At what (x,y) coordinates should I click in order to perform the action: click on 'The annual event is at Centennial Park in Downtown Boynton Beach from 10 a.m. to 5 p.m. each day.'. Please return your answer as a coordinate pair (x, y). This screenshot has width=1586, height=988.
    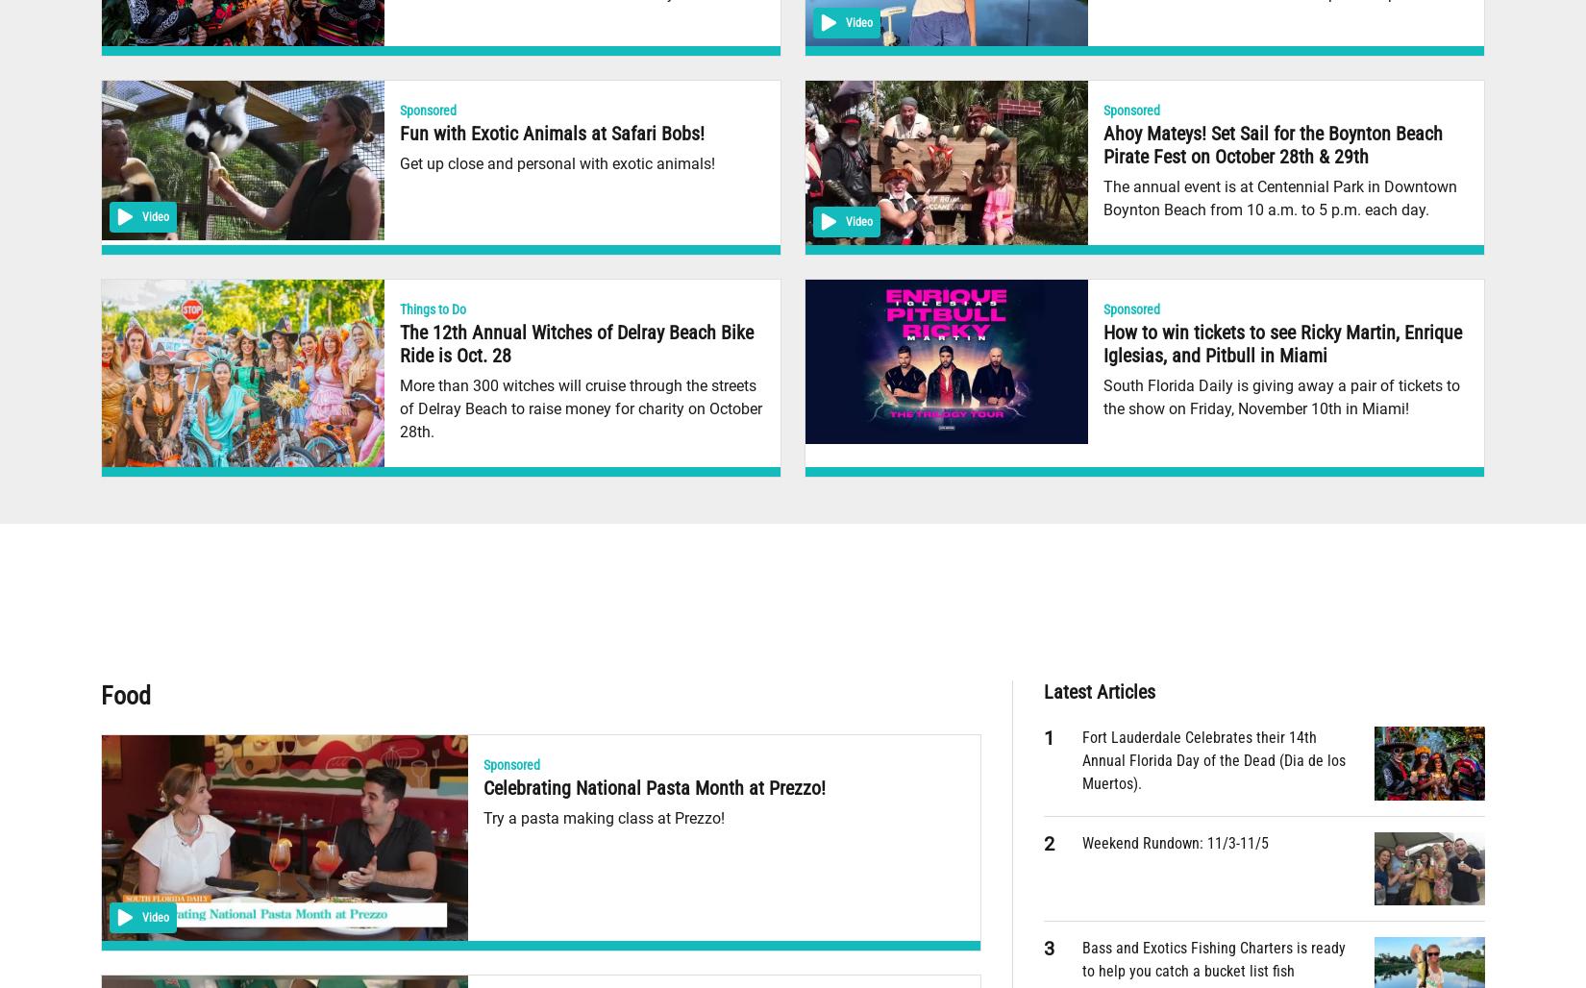
    Looking at the image, I should click on (1103, 197).